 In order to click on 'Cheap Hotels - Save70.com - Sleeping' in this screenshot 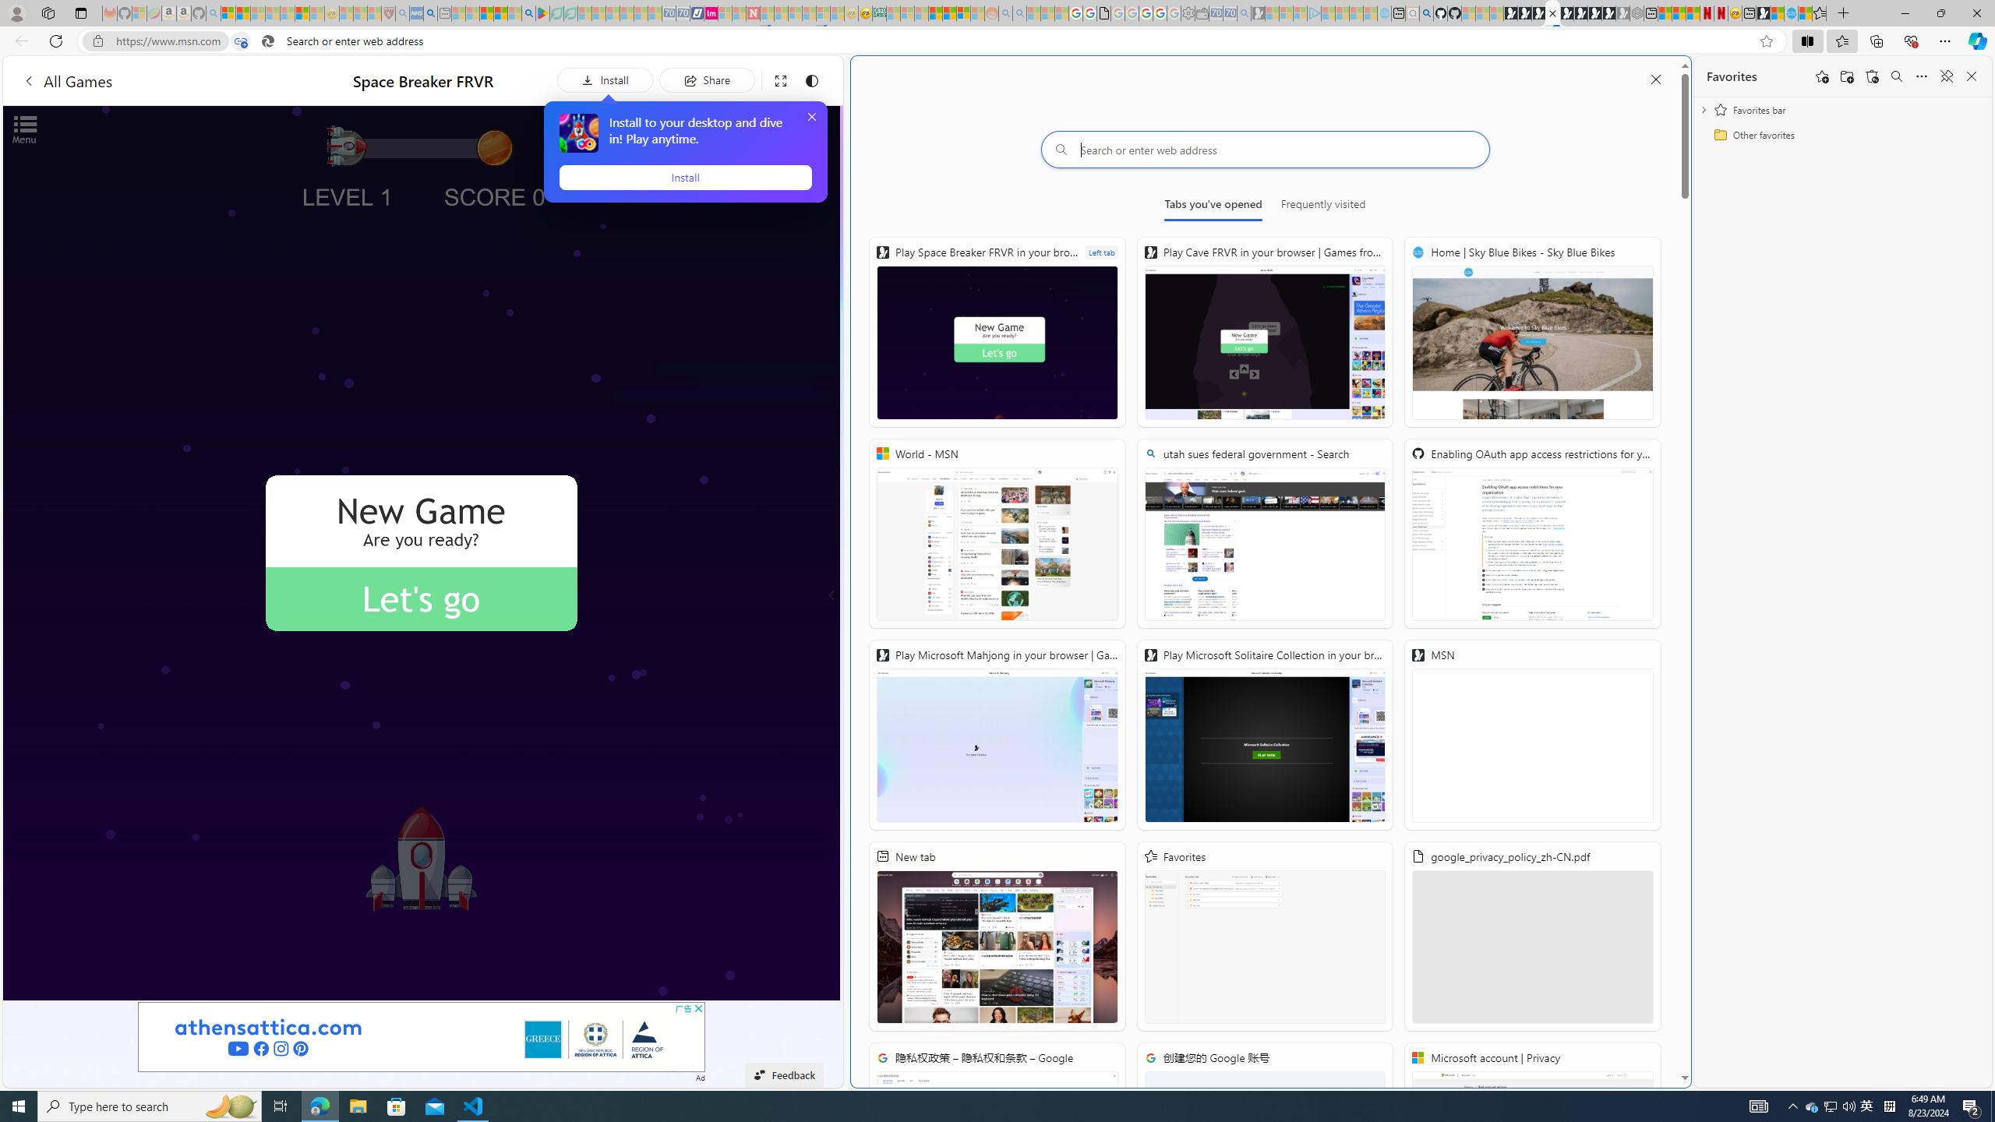, I will do `click(683, 12)`.